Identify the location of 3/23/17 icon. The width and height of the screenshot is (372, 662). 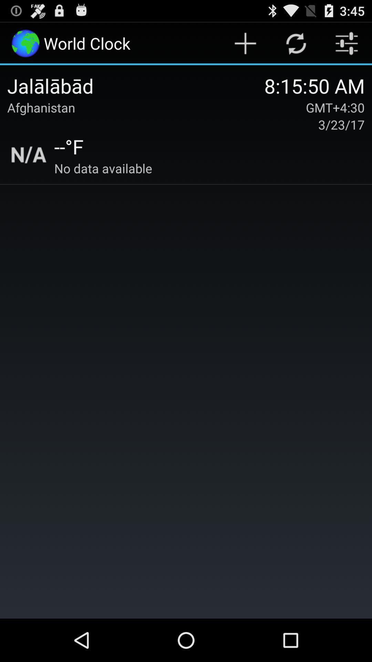
(341, 124).